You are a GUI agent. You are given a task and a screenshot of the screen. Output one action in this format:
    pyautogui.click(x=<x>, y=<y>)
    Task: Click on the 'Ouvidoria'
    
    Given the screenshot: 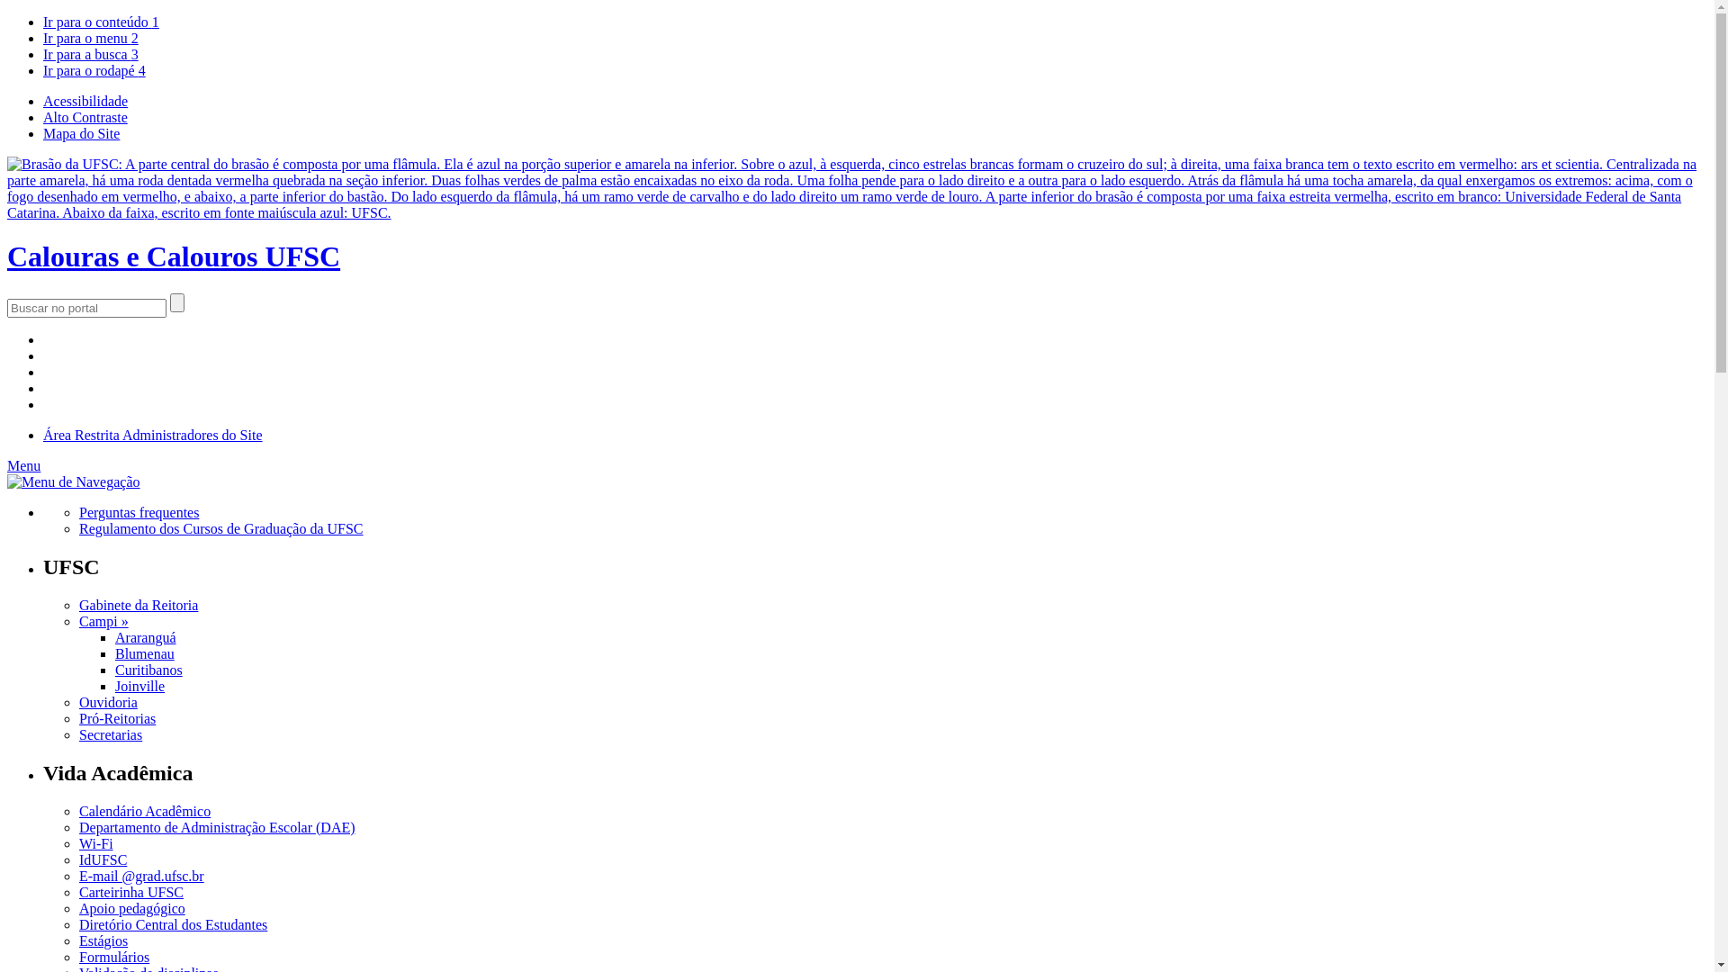 What is the action you would take?
    pyautogui.click(x=107, y=701)
    